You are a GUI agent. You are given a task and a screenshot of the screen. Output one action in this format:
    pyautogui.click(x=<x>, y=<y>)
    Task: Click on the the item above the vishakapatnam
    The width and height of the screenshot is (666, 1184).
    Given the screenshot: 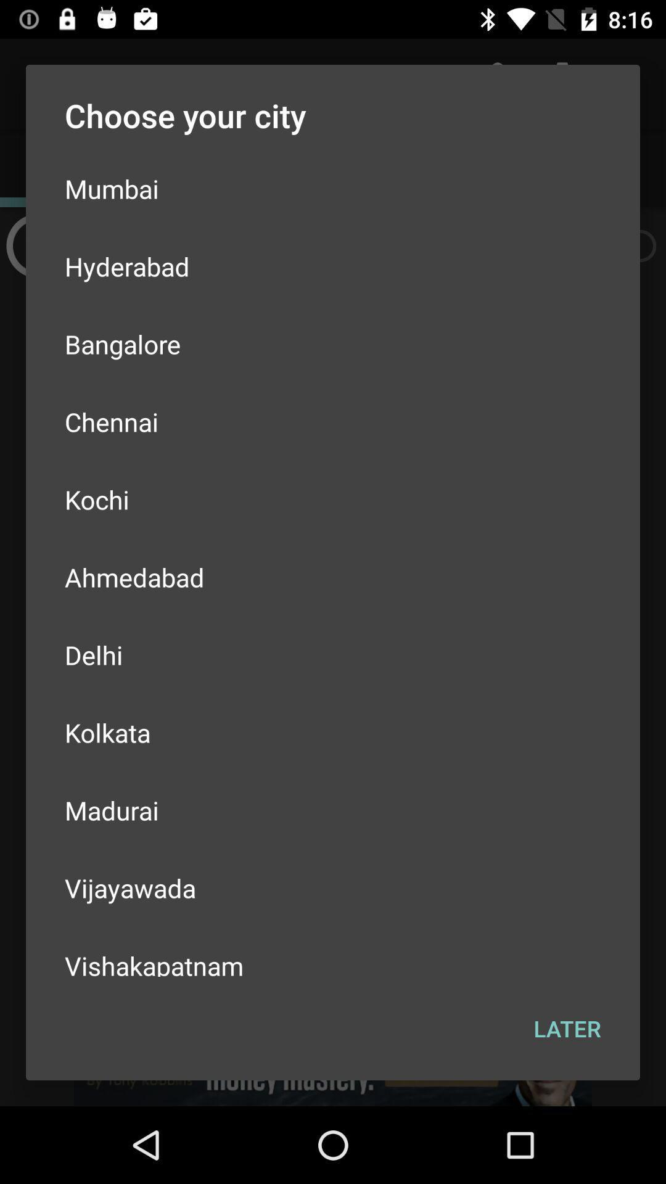 What is the action you would take?
    pyautogui.click(x=333, y=888)
    